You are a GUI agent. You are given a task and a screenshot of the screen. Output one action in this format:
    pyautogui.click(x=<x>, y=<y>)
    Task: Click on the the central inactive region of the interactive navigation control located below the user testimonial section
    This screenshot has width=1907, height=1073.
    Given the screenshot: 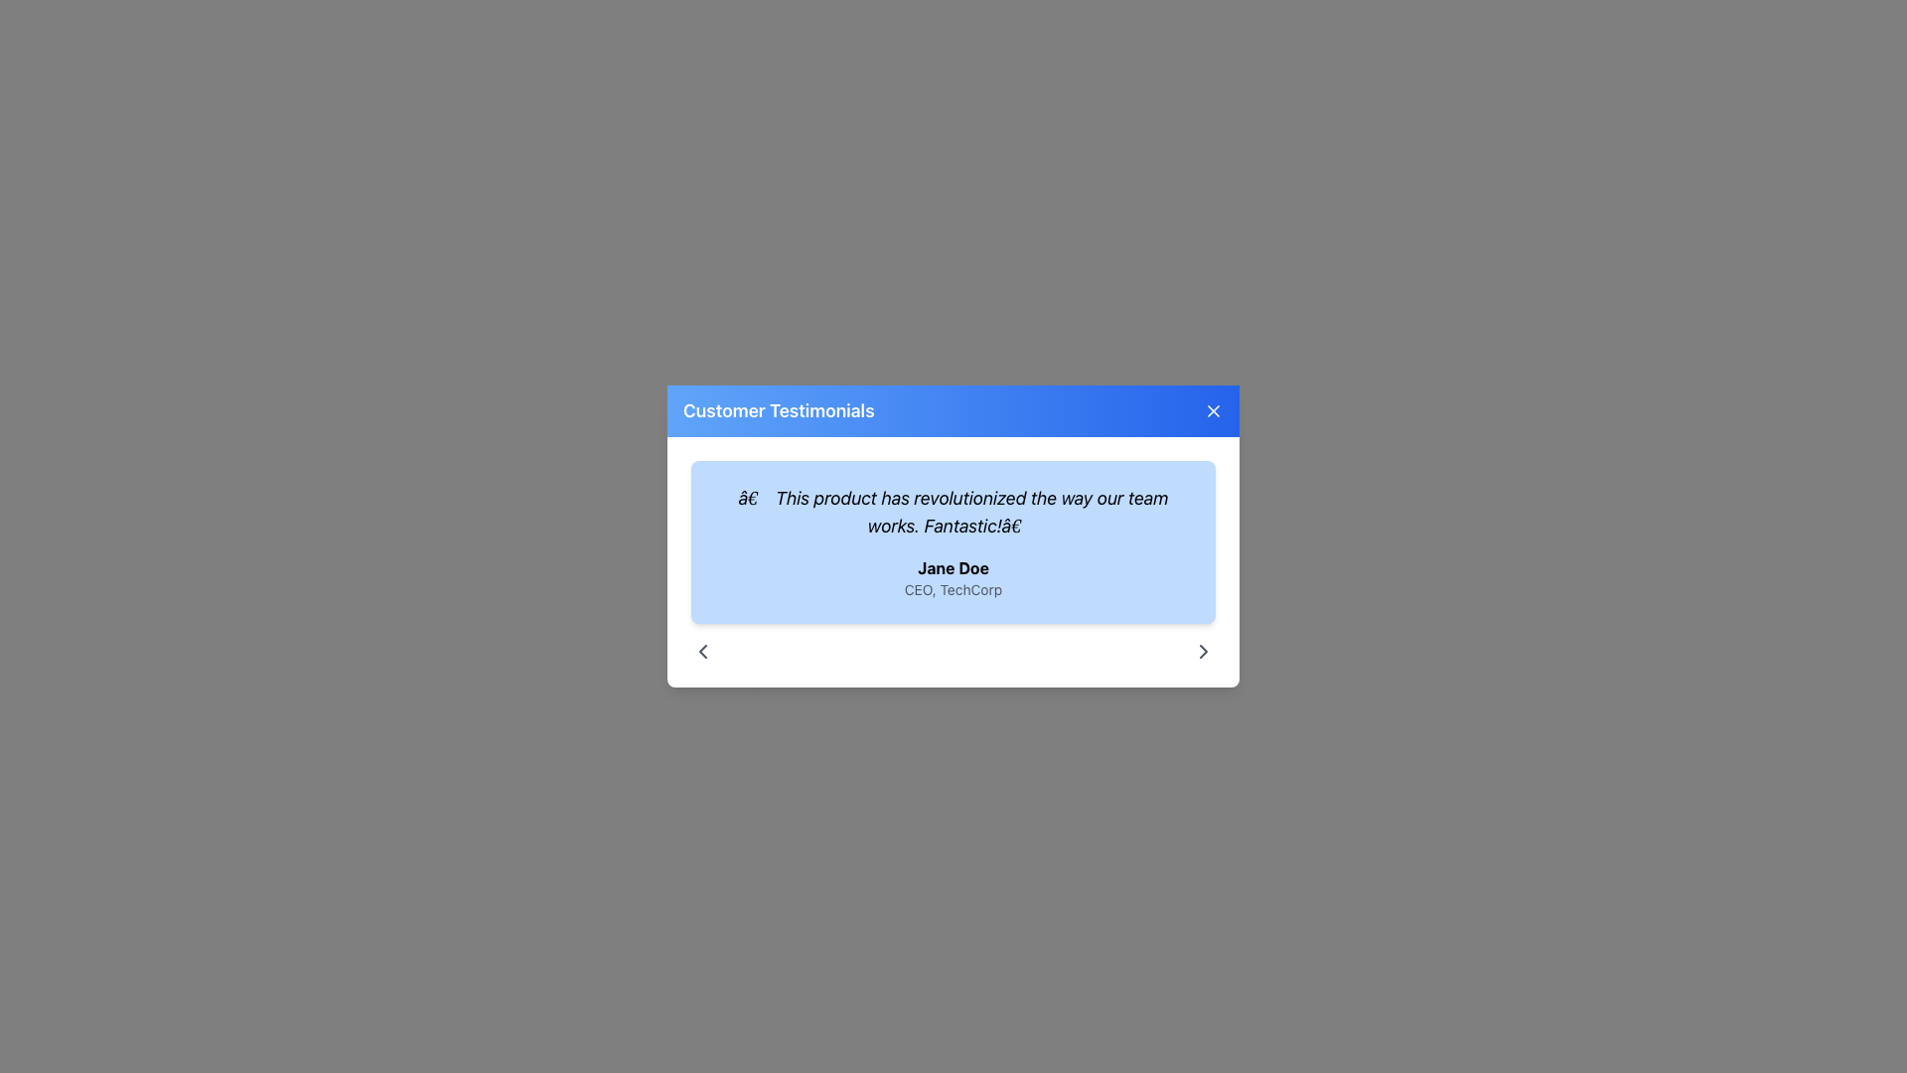 What is the action you would take?
    pyautogui.click(x=953, y=651)
    